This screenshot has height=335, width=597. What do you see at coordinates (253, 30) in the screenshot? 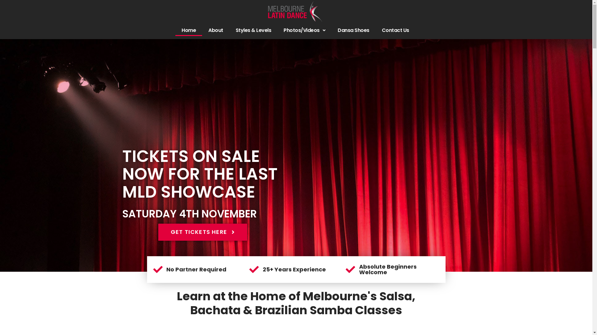
I see `'Styles & Levels'` at bounding box center [253, 30].